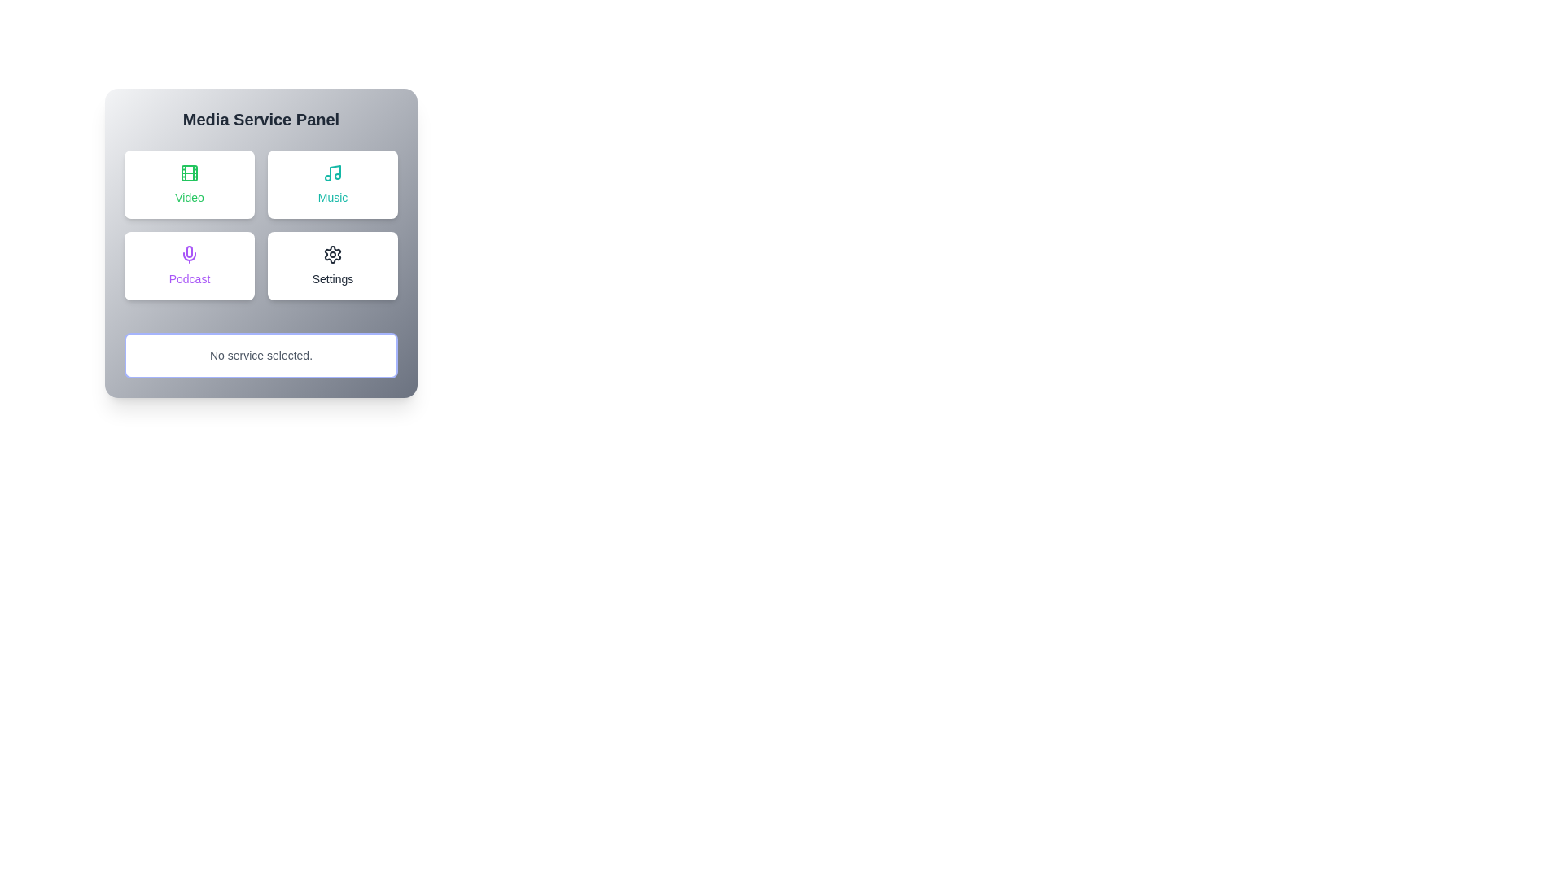  What do you see at coordinates (190, 251) in the screenshot?
I see `properties of the decorative audio or podcast-related SVG icon located within the 'Podcast' button by clicking on its center point` at bounding box center [190, 251].